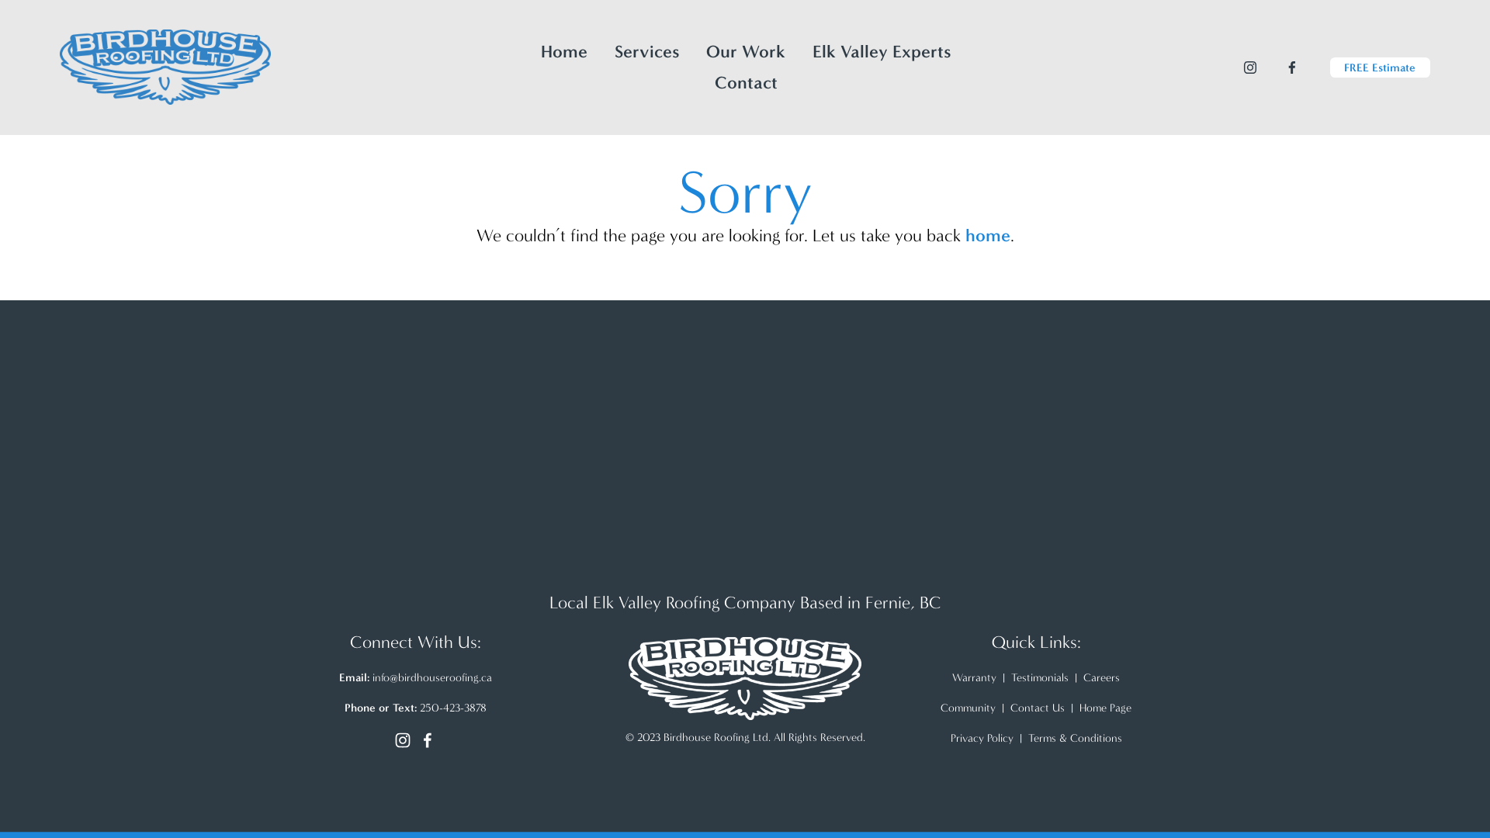  What do you see at coordinates (980, 737) in the screenshot?
I see `'Privacy Policy'` at bounding box center [980, 737].